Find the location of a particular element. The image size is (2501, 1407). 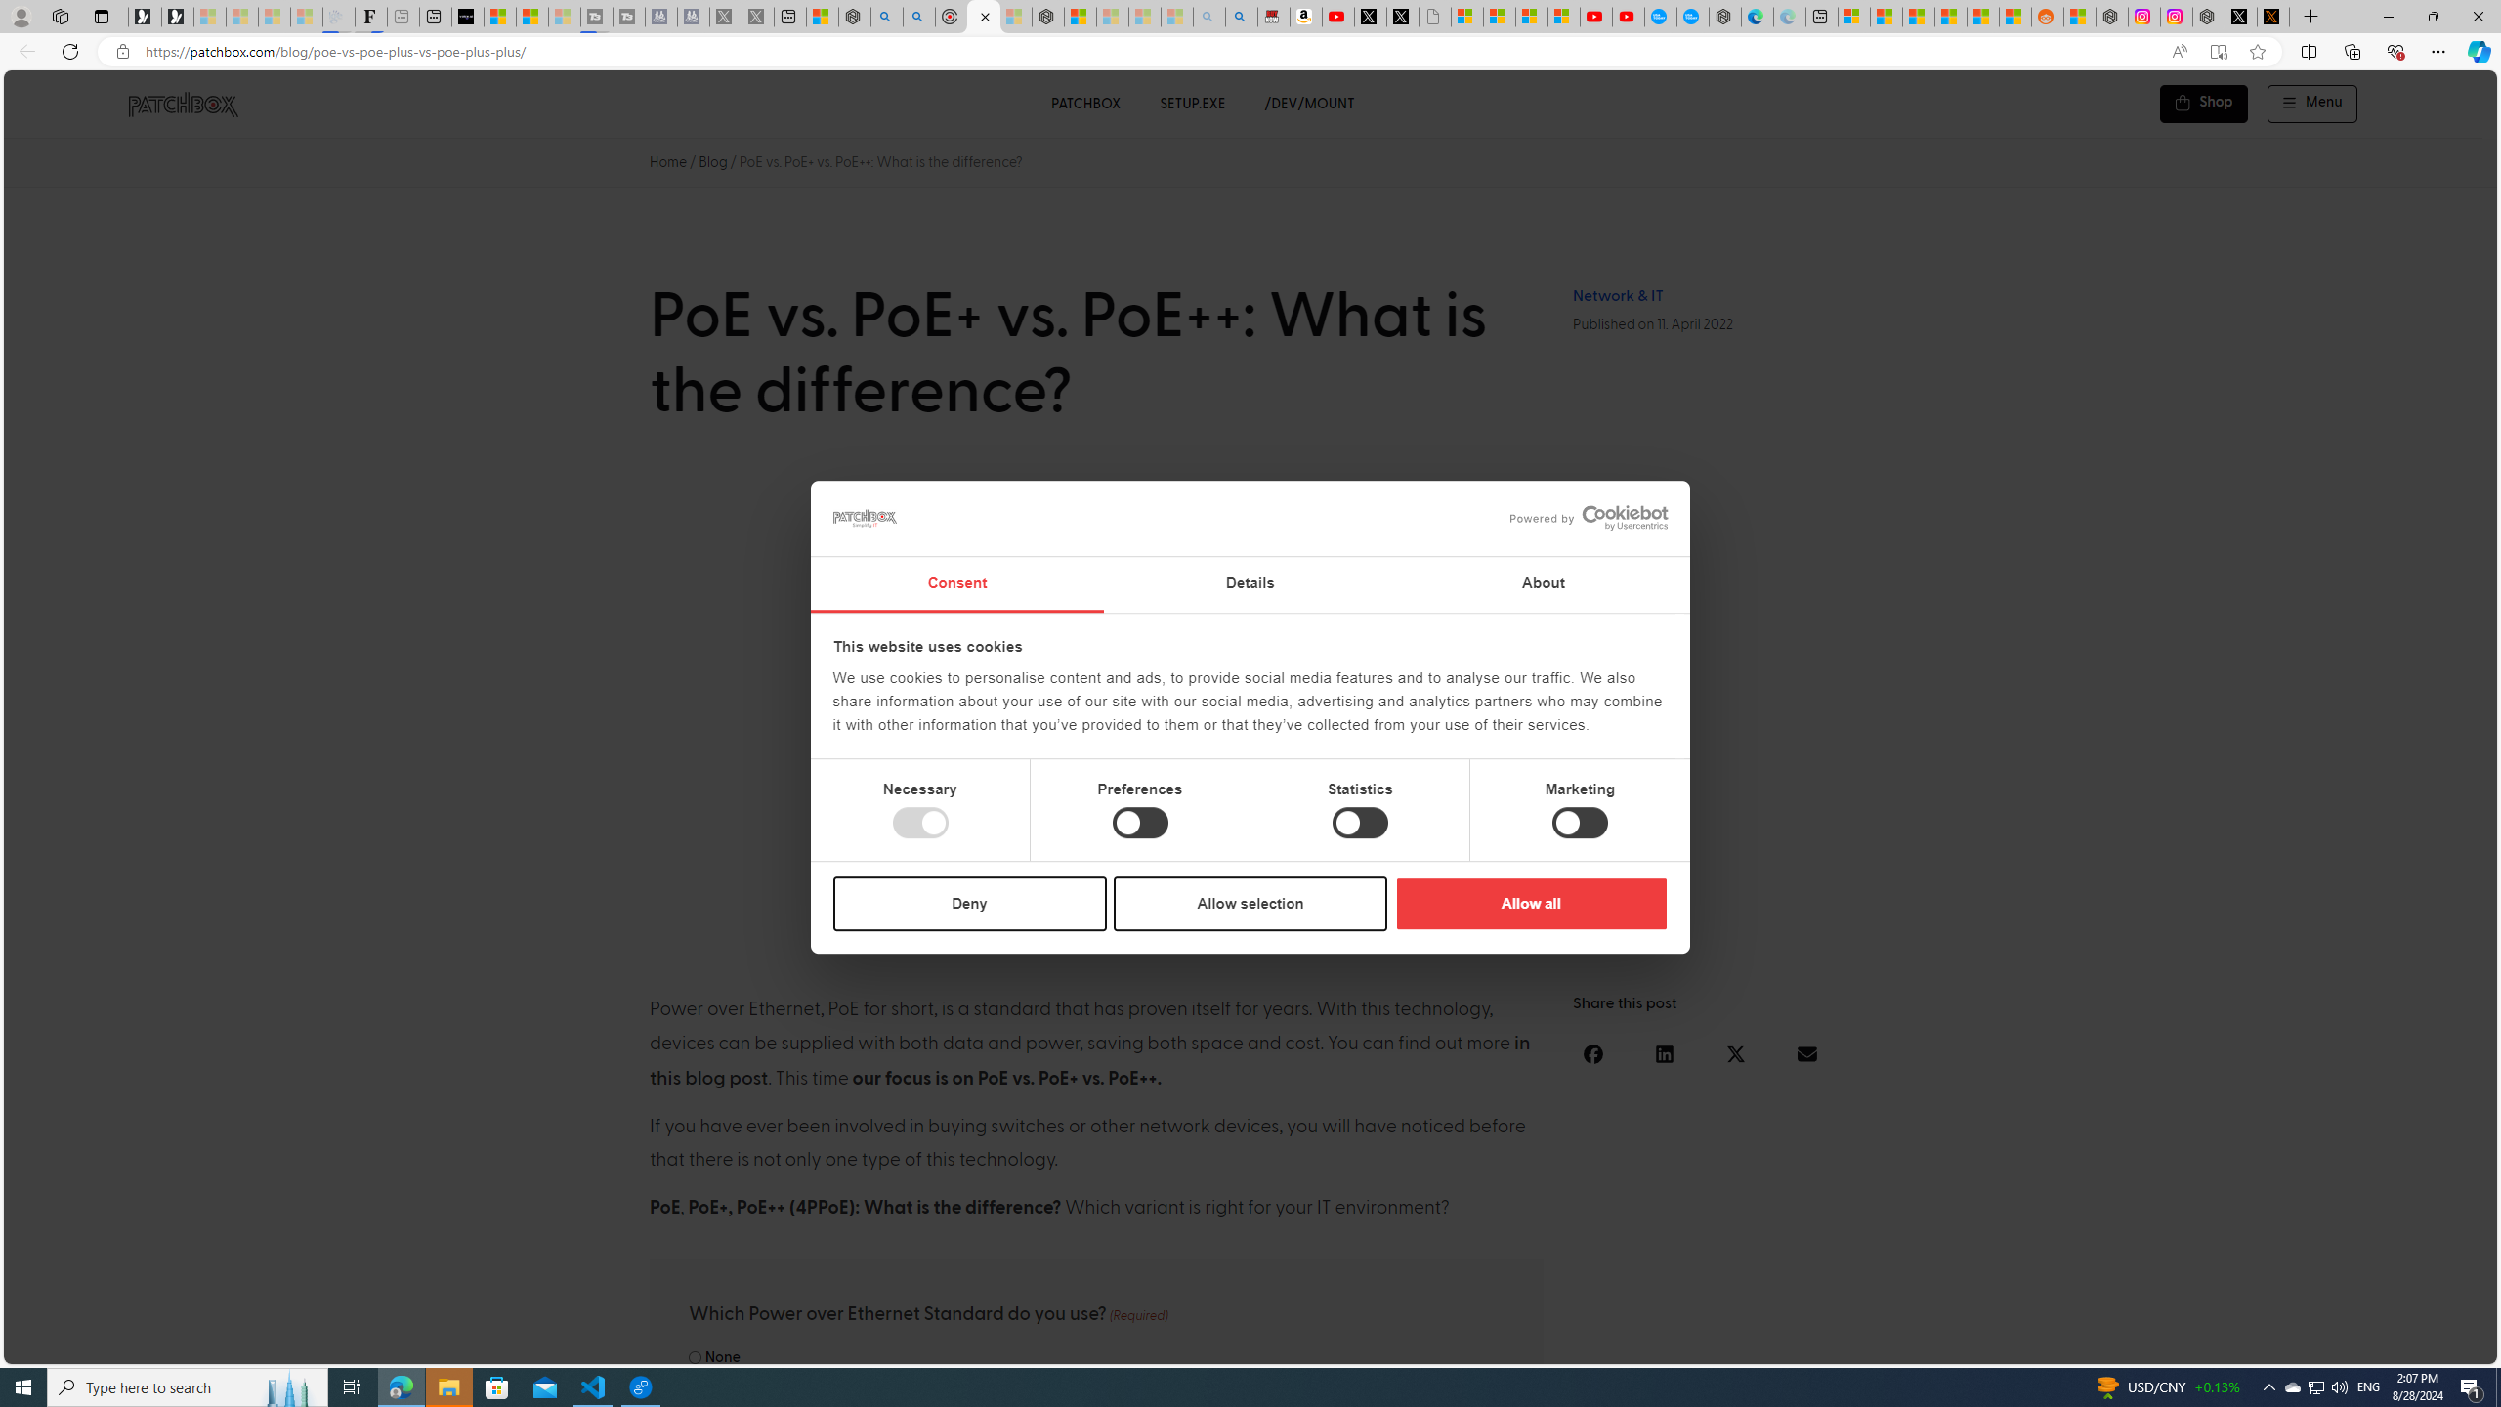

'Network & IT' is located at coordinates (1617, 295).